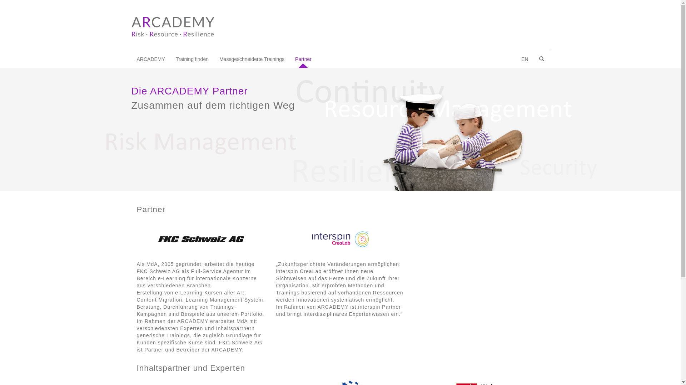  What do you see at coordinates (214, 58) in the screenshot?
I see `'Massgeschneiderte Trainings'` at bounding box center [214, 58].